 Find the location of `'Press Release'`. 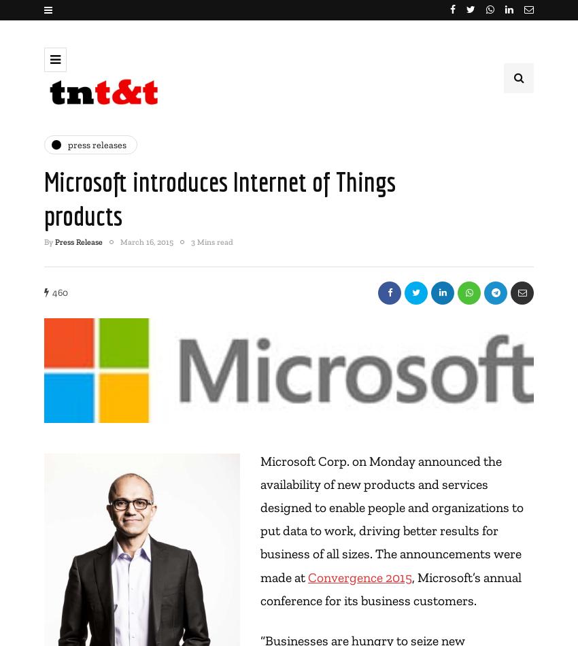

'Press Release' is located at coordinates (78, 241).